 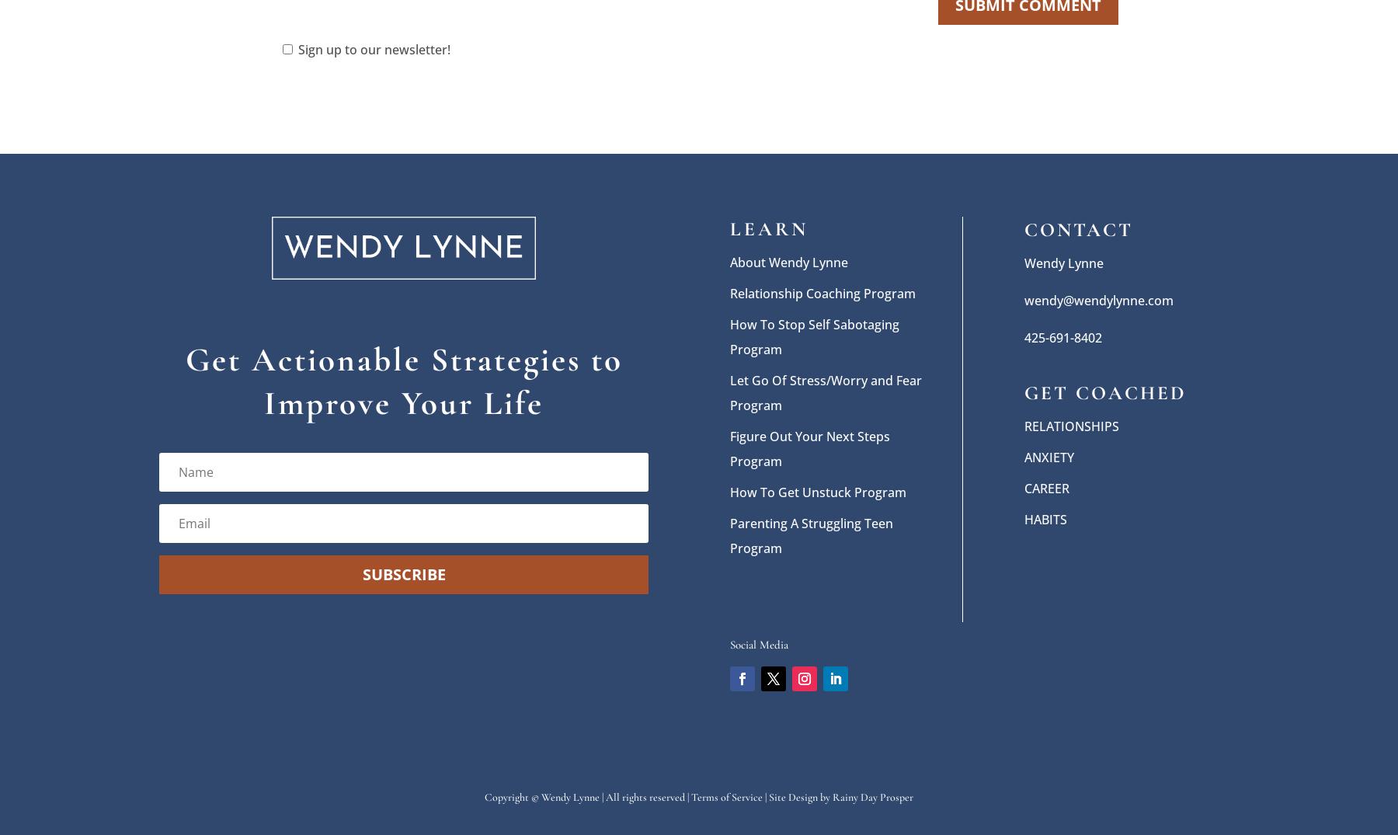 I want to click on 'Let Go Of Stress/Worry and Fear Program', so click(x=825, y=391).